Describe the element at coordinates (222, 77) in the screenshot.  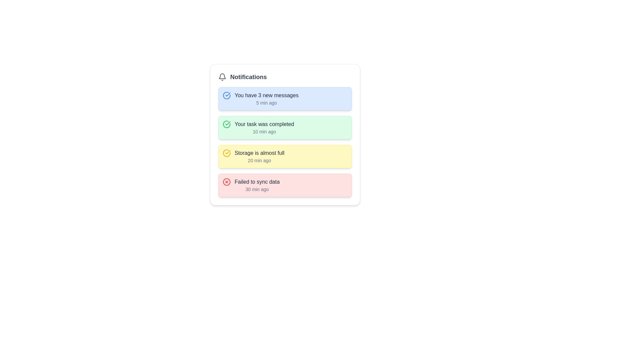
I see `the bell-shaped icon with a gray outline located to the left of the text 'Notifications' at the top of the white notification card` at that location.